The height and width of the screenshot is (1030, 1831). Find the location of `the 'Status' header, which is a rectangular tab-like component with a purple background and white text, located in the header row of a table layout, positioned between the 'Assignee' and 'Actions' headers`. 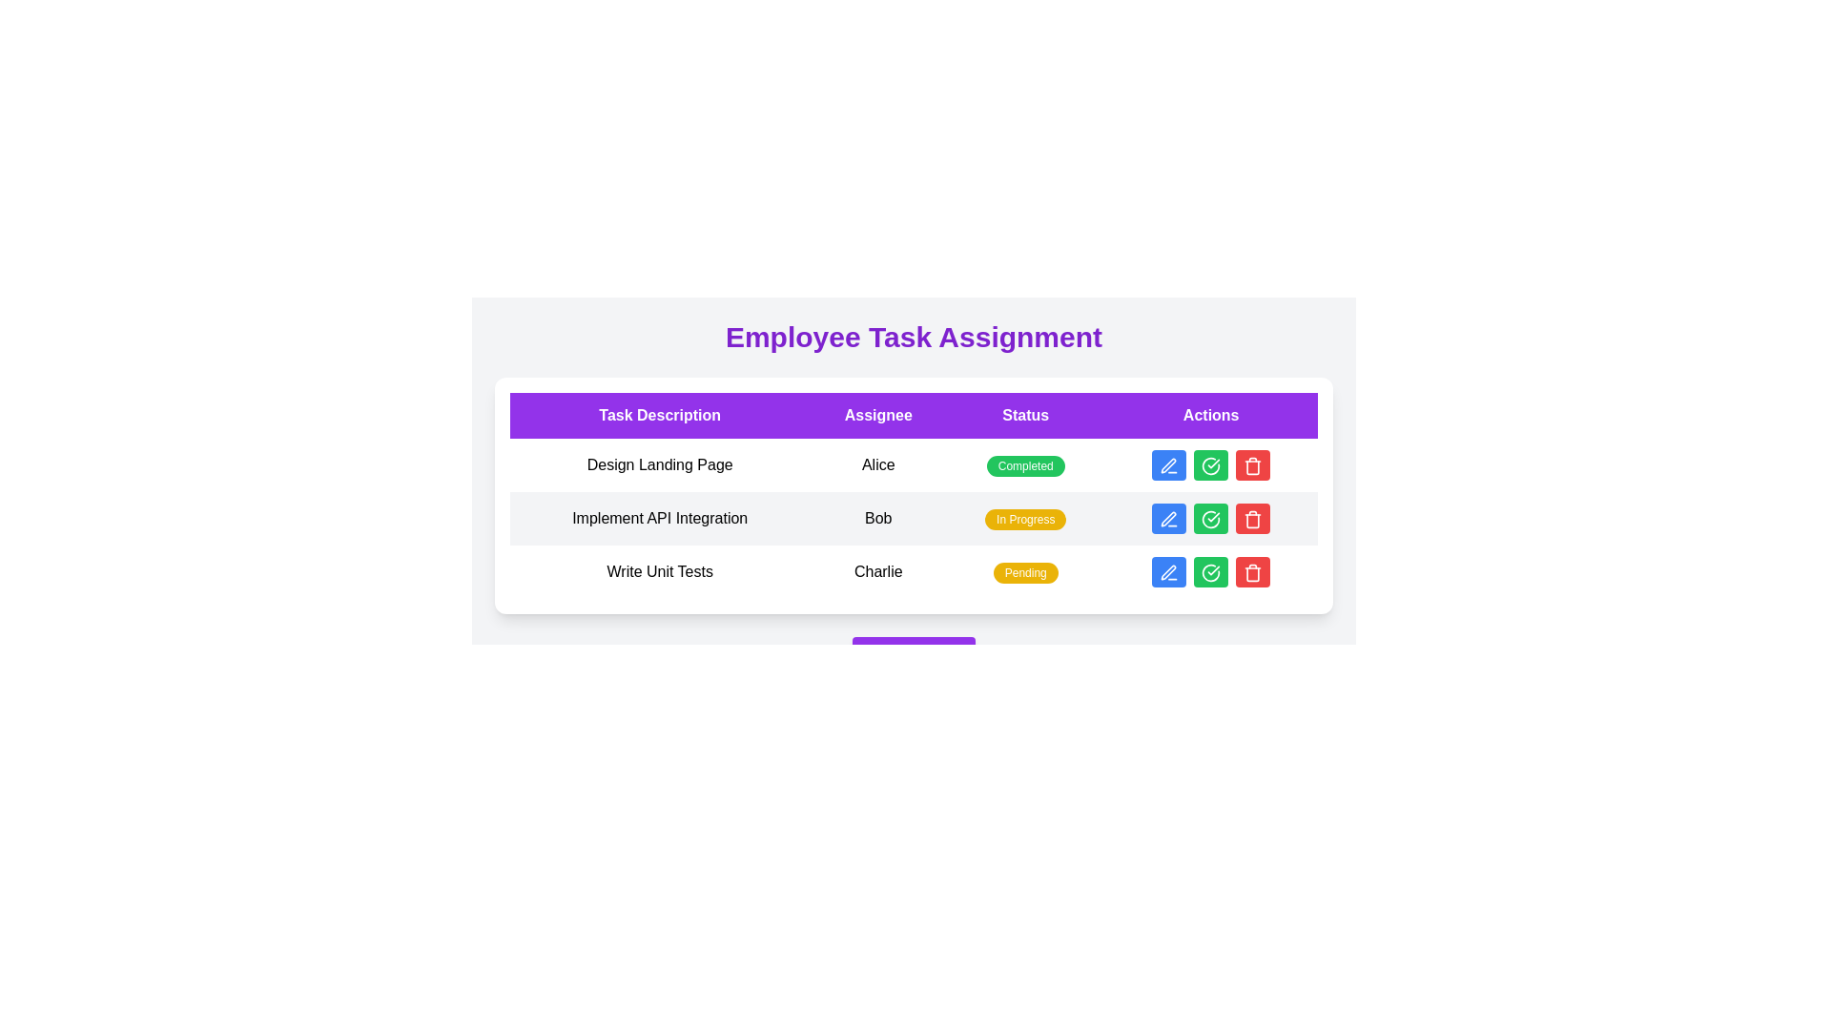

the 'Status' header, which is a rectangular tab-like component with a purple background and white text, located in the header row of a table layout, positioned between the 'Assignee' and 'Actions' headers is located at coordinates (1024, 414).